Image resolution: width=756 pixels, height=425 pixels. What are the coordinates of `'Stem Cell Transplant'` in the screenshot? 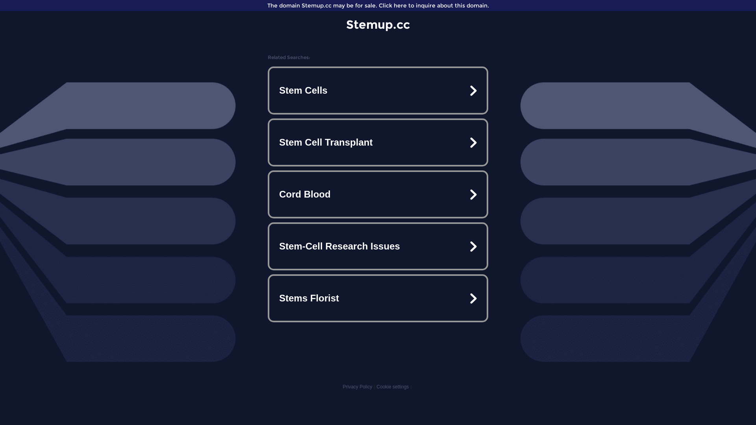 It's located at (378, 142).